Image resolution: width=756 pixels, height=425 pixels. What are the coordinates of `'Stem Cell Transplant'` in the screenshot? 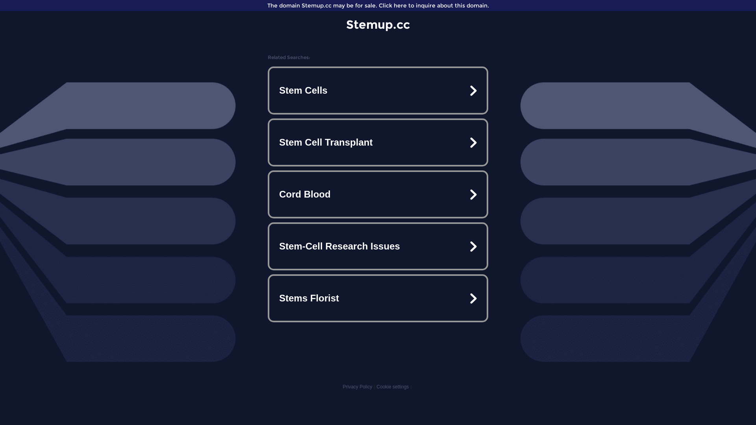 It's located at (378, 142).